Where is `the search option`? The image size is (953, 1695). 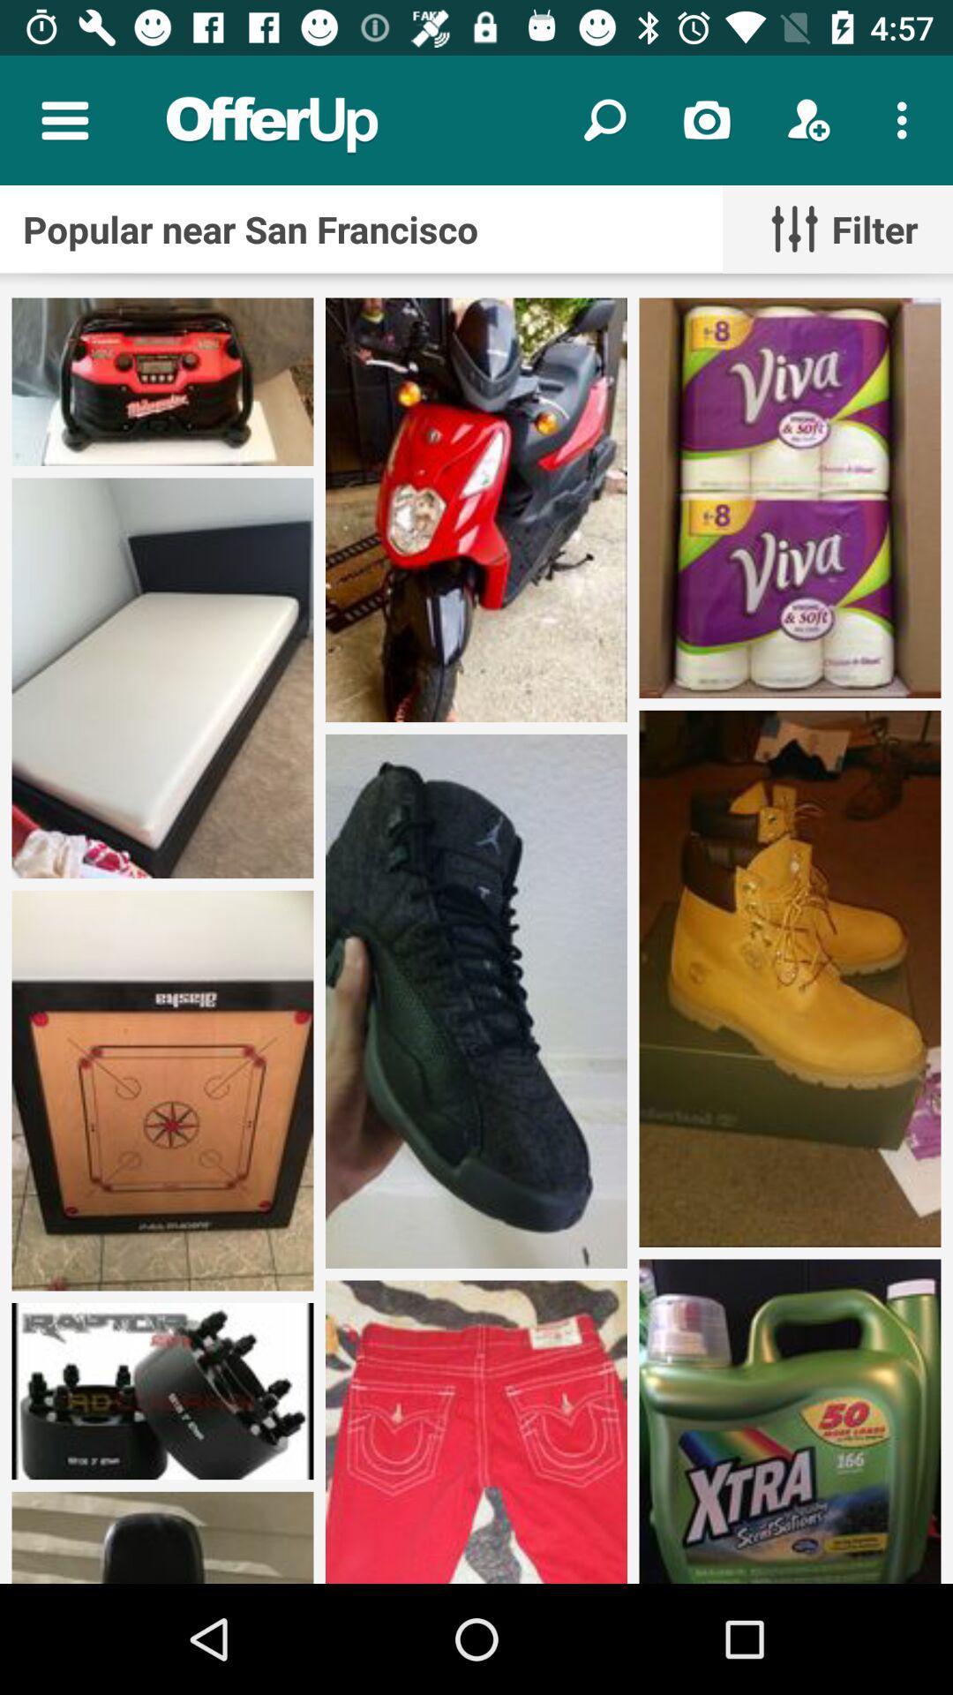 the search option is located at coordinates (604, 120).